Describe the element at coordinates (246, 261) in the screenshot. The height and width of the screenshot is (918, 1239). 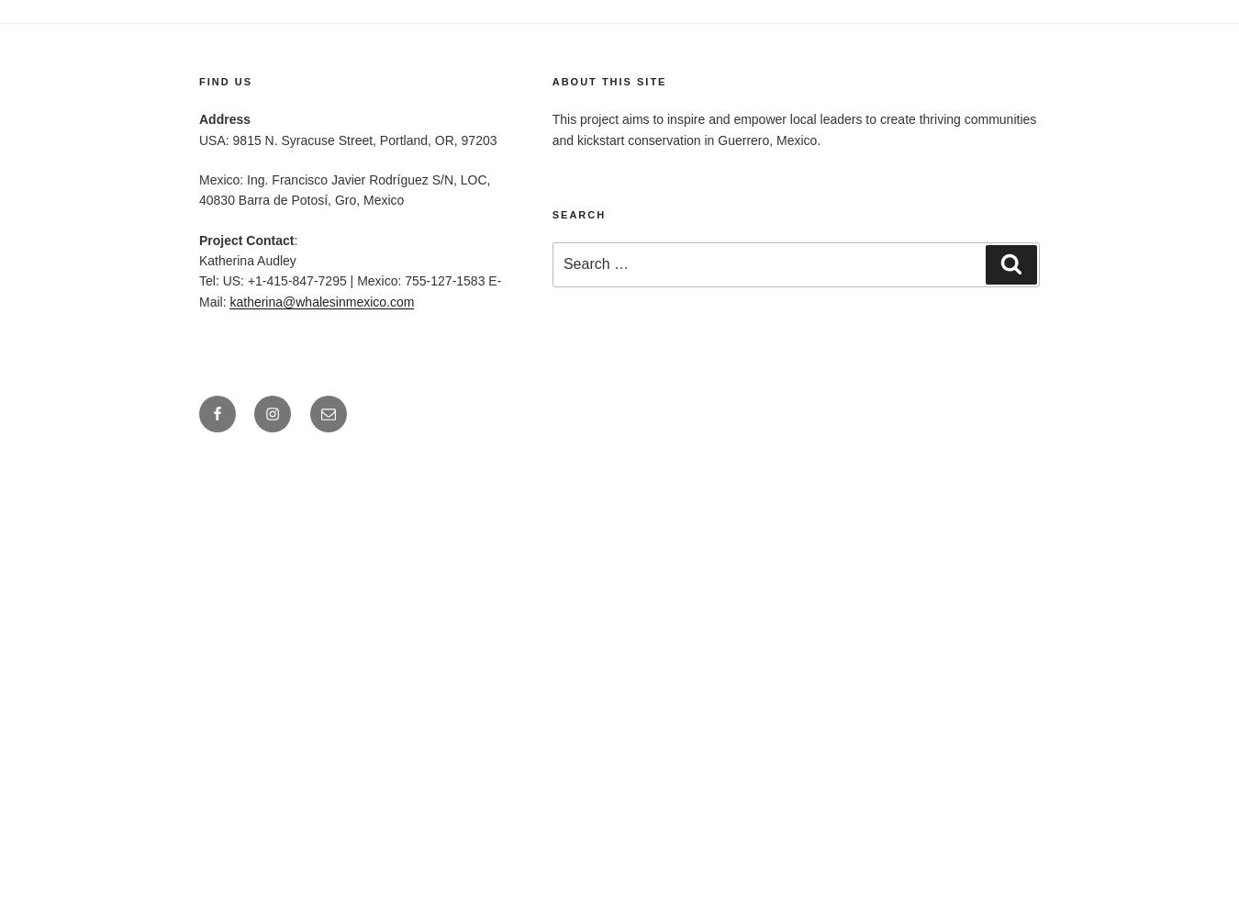
I see `'Katherina Audley'` at that location.